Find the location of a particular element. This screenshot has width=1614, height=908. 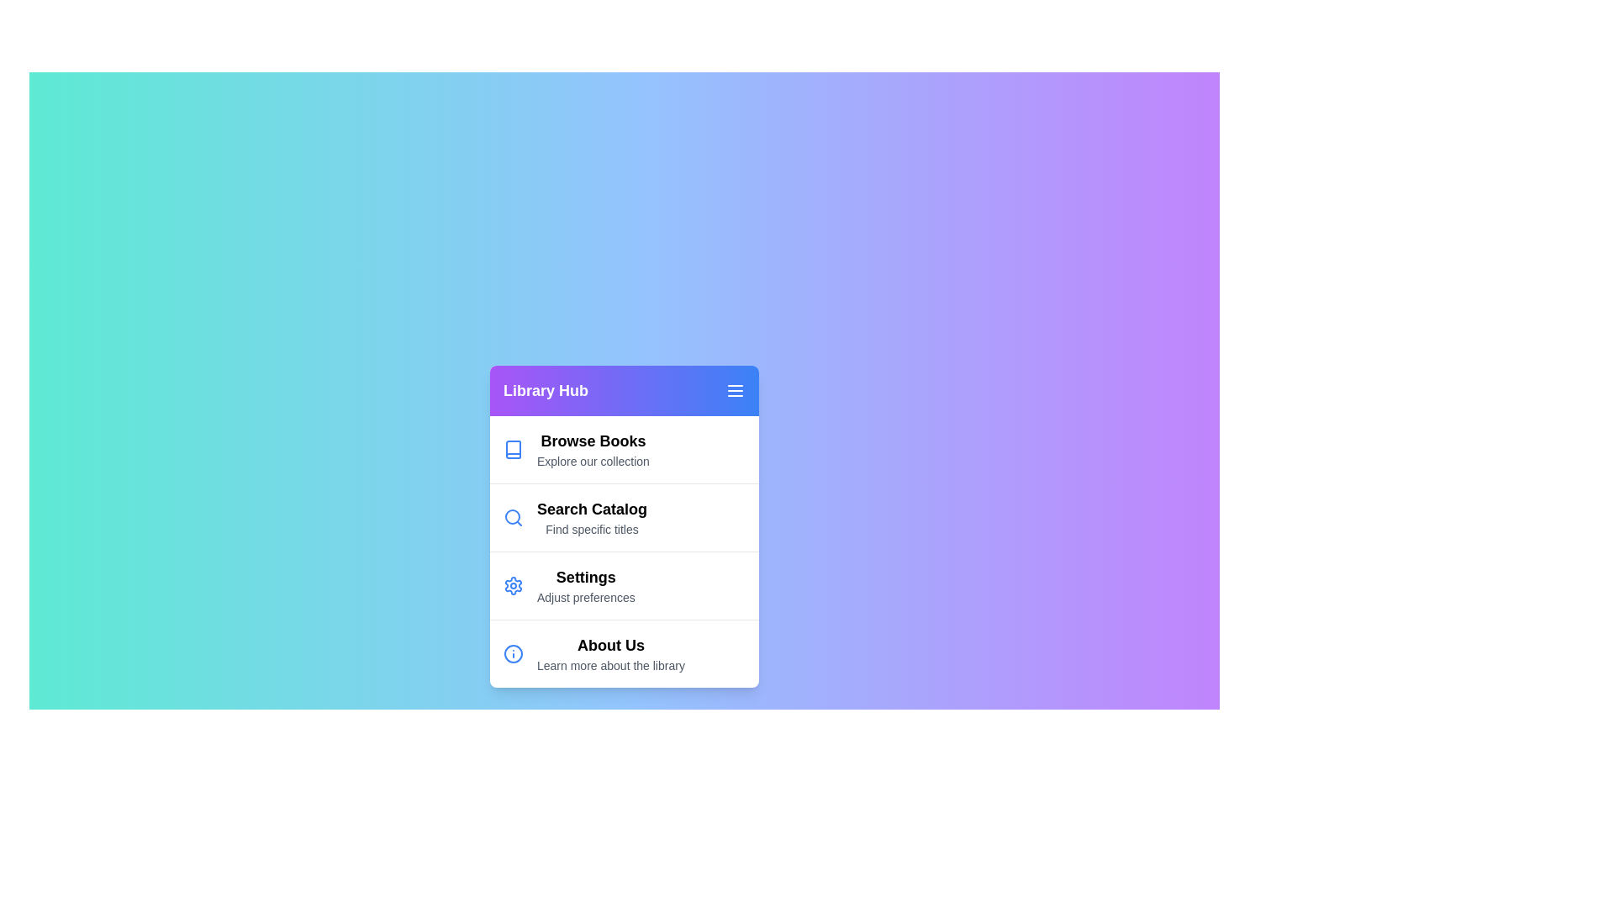

the menu item Settings by clicking on it is located at coordinates (624, 583).